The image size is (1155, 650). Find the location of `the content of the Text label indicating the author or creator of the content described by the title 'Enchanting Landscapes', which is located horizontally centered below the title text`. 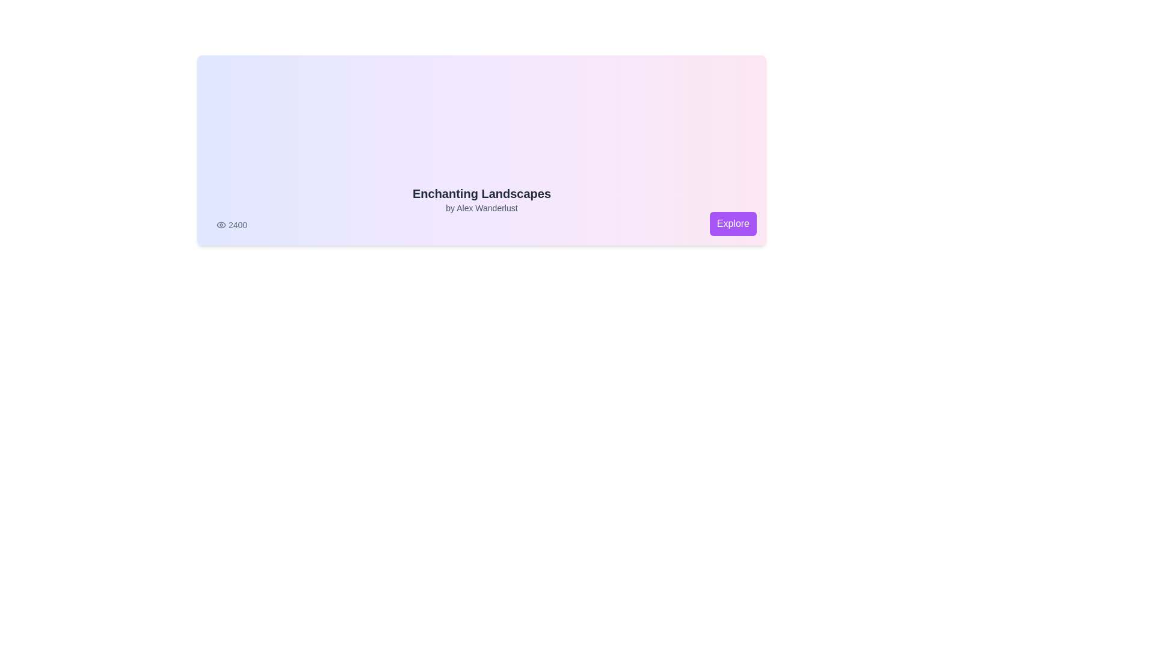

the content of the Text label indicating the author or creator of the content described by the title 'Enchanting Landscapes', which is located horizontally centered below the title text is located at coordinates (482, 208).